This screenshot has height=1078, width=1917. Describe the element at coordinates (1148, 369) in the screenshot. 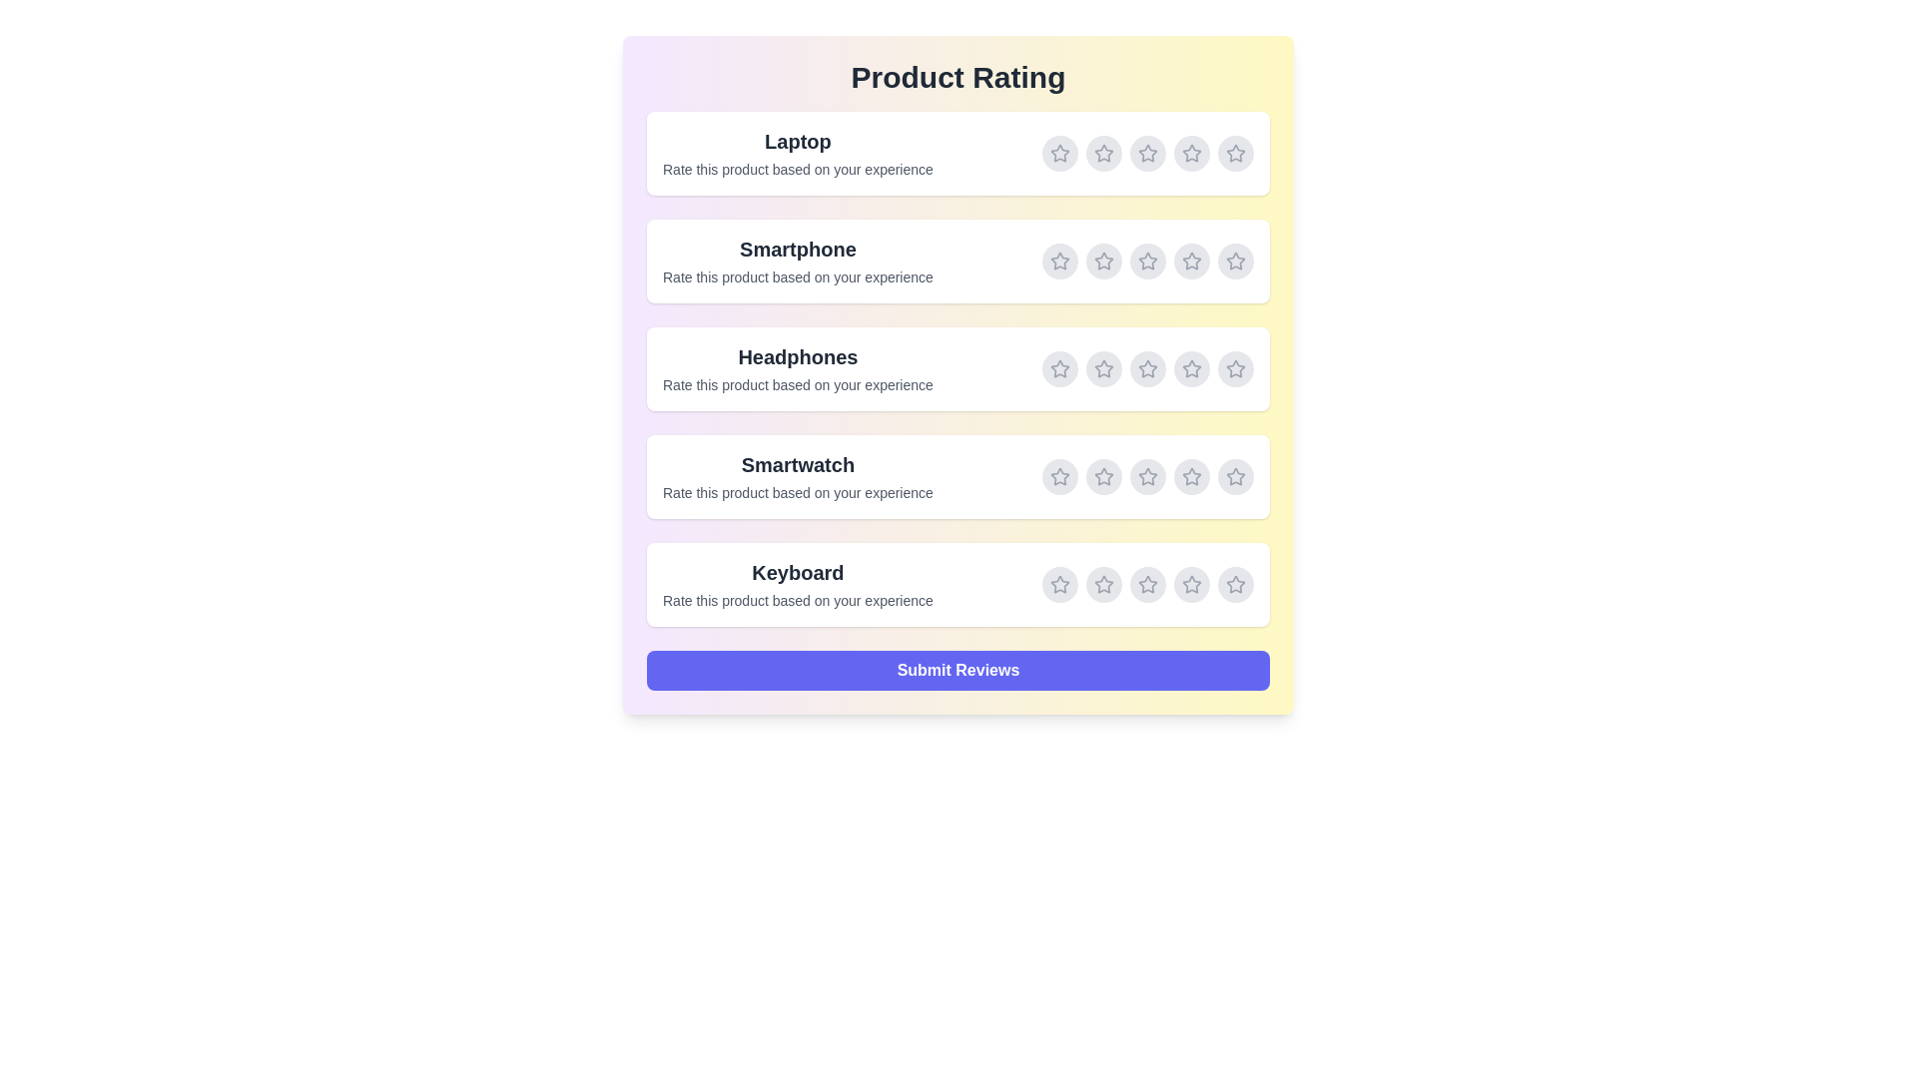

I see `the rating for Headphones to 3 stars` at that location.